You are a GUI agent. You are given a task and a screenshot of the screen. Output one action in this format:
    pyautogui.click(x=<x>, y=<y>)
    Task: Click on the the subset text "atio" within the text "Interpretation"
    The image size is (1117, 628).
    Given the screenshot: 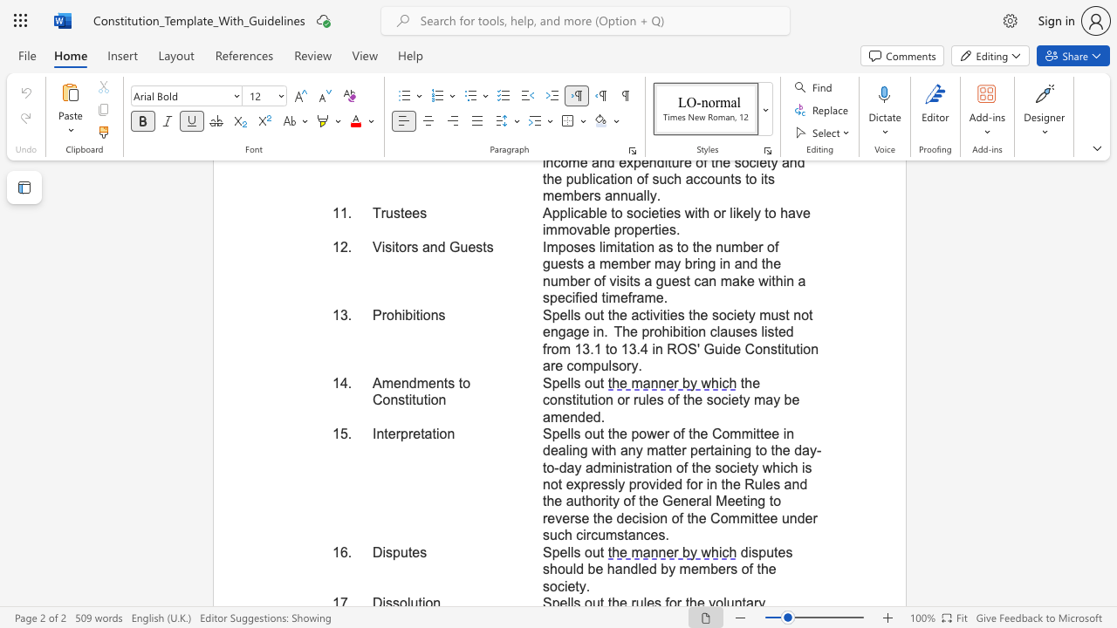 What is the action you would take?
    pyautogui.click(x=424, y=433)
    